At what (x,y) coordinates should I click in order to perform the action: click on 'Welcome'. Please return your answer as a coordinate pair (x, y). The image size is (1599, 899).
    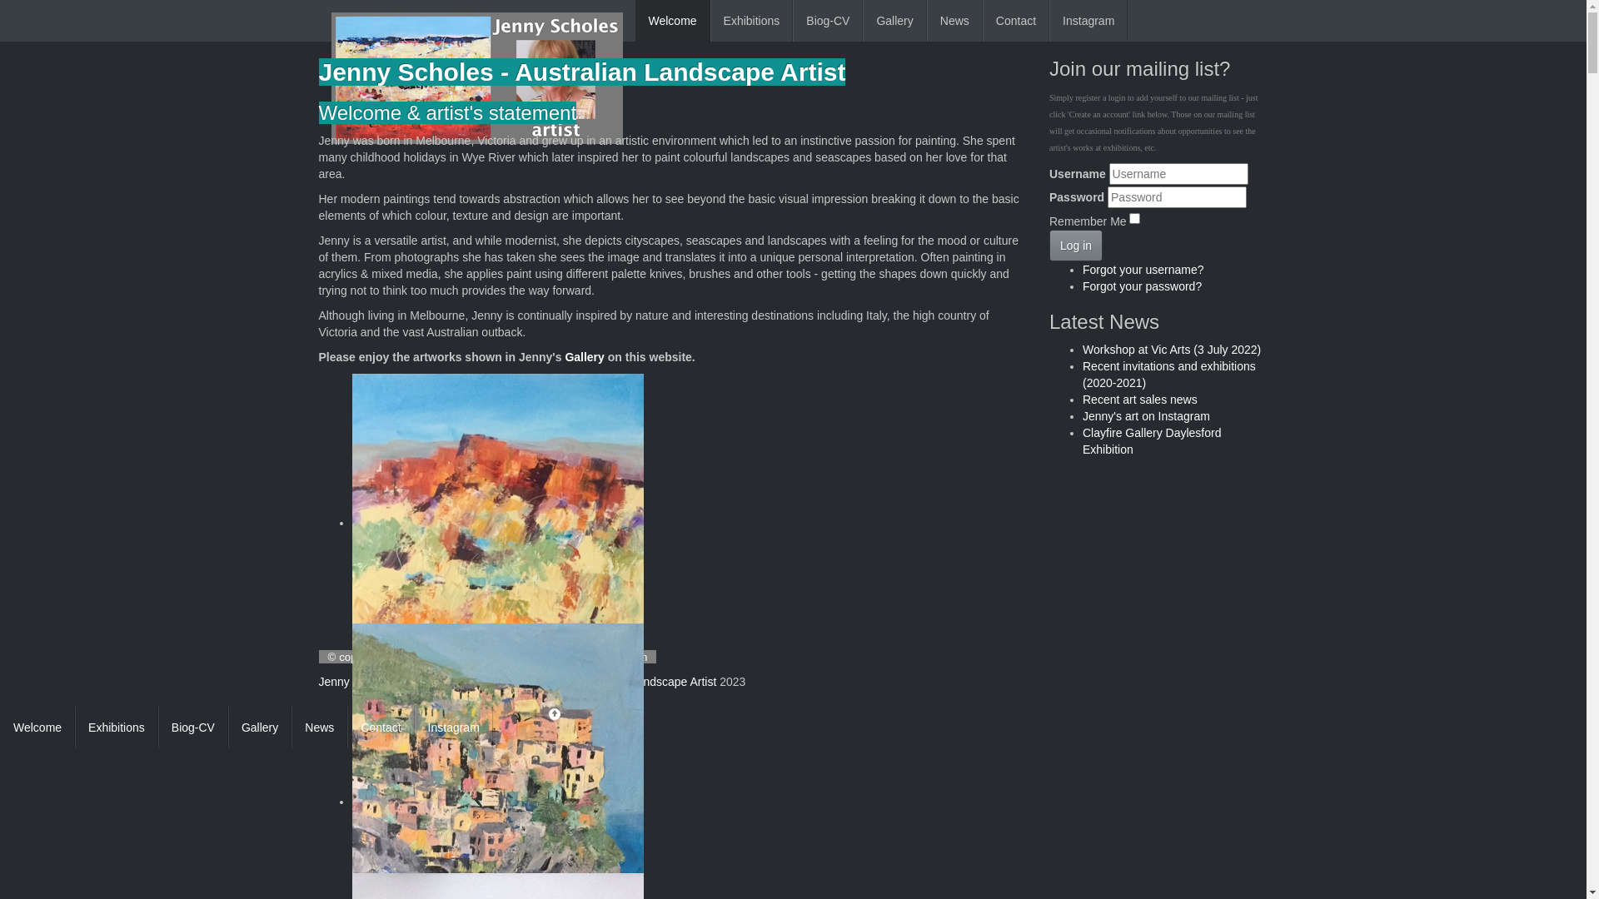
    Looking at the image, I should click on (634, 20).